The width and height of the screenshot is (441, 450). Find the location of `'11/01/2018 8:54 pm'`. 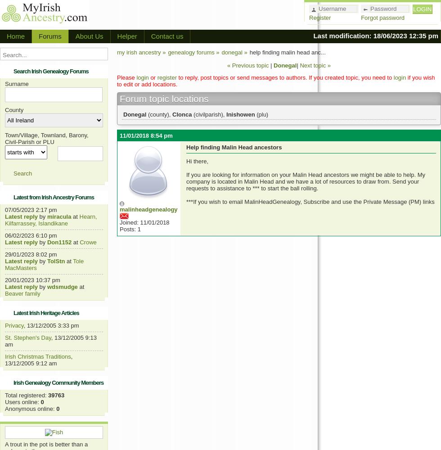

'11/01/2018 8:54 pm' is located at coordinates (146, 135).